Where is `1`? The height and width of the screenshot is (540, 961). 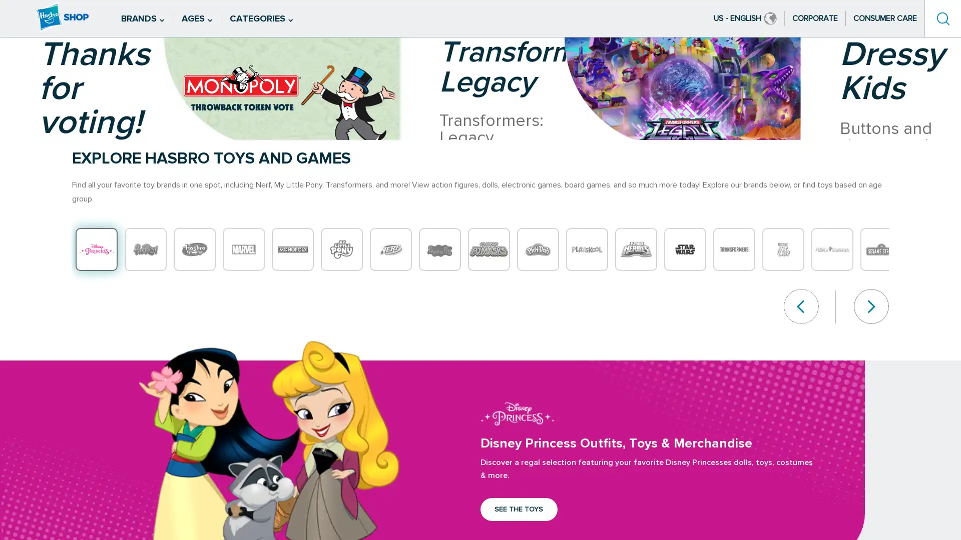 1 is located at coordinates (36, 160).